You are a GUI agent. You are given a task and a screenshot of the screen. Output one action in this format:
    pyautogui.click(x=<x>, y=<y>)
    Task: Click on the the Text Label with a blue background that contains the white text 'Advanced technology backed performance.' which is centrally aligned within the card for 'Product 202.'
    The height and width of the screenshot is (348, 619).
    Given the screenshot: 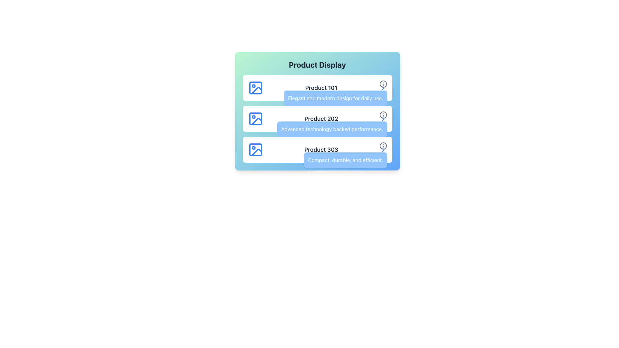 What is the action you would take?
    pyautogui.click(x=332, y=129)
    